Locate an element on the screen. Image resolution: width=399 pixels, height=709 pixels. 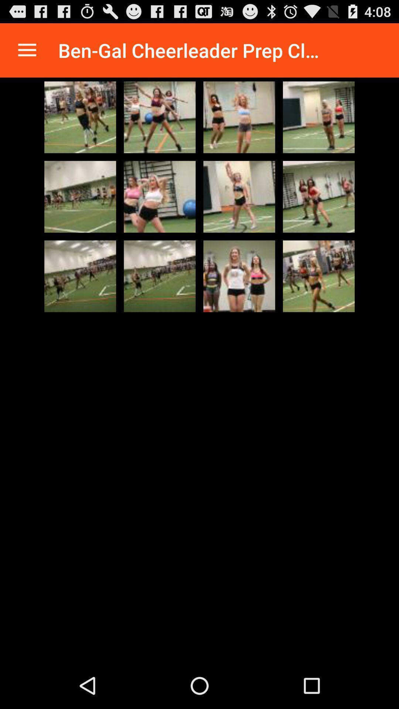
drop down menu is located at coordinates (27, 50).